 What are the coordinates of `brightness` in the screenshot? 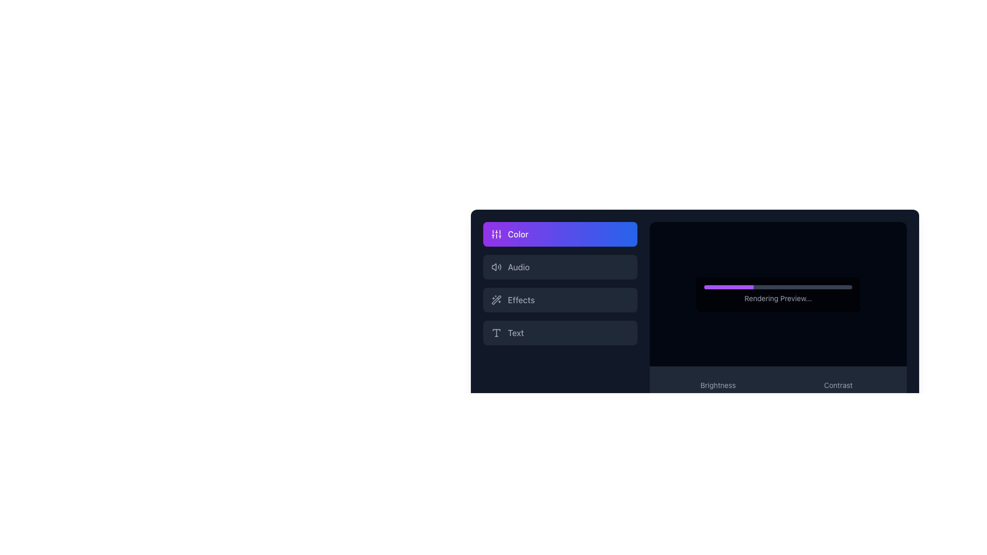 It's located at (683, 398).